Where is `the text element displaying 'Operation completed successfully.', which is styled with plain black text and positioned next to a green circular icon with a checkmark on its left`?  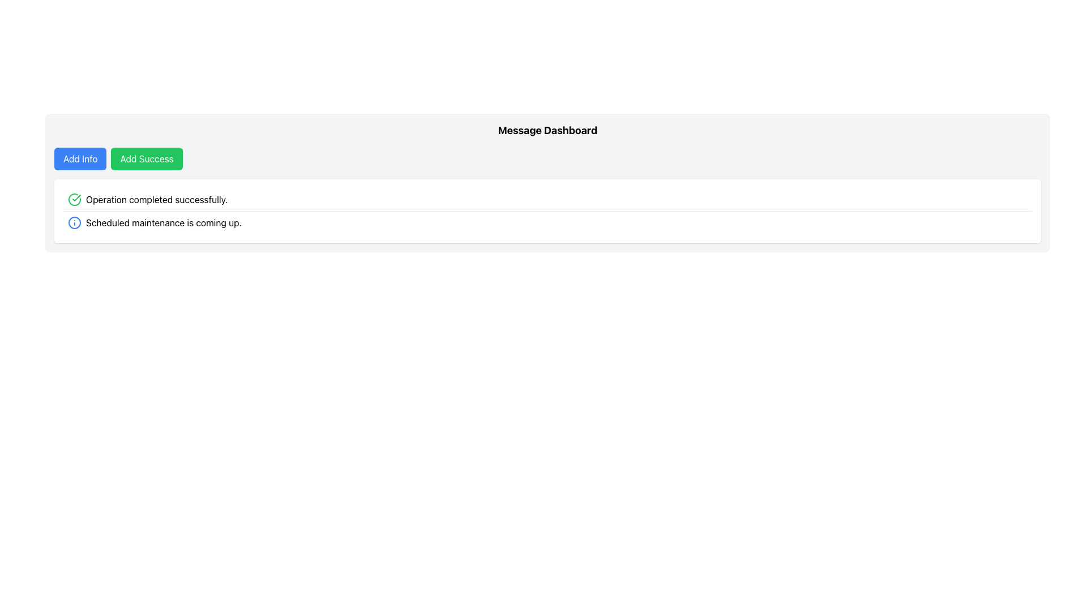
the text element displaying 'Operation completed successfully.', which is styled with plain black text and positioned next to a green circular icon with a checkmark on its left is located at coordinates (156, 199).